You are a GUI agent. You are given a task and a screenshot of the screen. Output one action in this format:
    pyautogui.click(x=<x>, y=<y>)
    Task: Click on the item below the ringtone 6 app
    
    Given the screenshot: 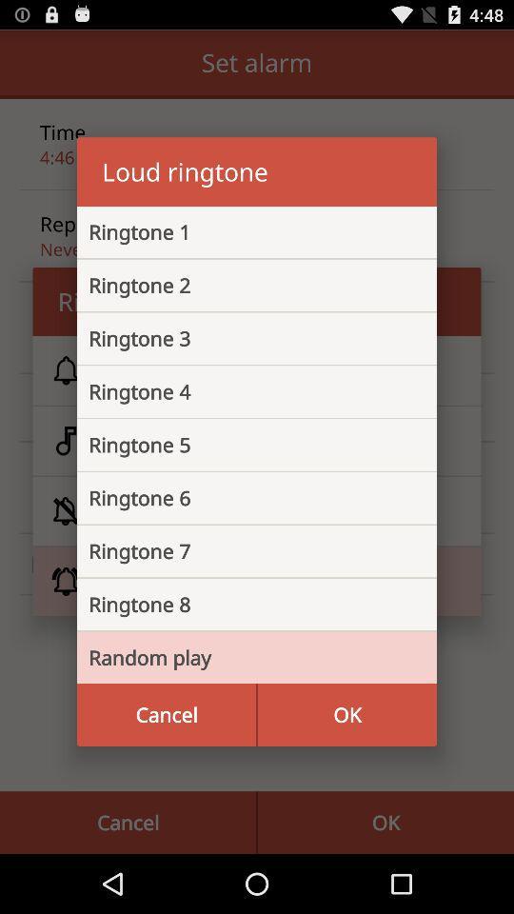 What is the action you would take?
    pyautogui.click(x=242, y=551)
    